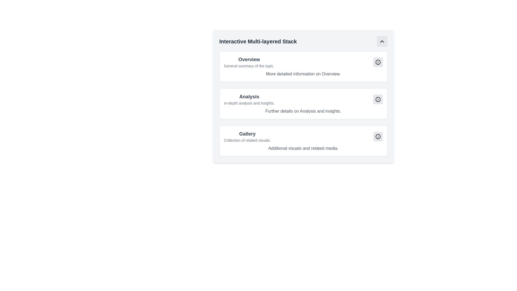 The width and height of the screenshot is (517, 291). What do you see at coordinates (382, 41) in the screenshot?
I see `the button located at the top-right corner of the 'Interactive Multi-layered Stack' section` at bounding box center [382, 41].